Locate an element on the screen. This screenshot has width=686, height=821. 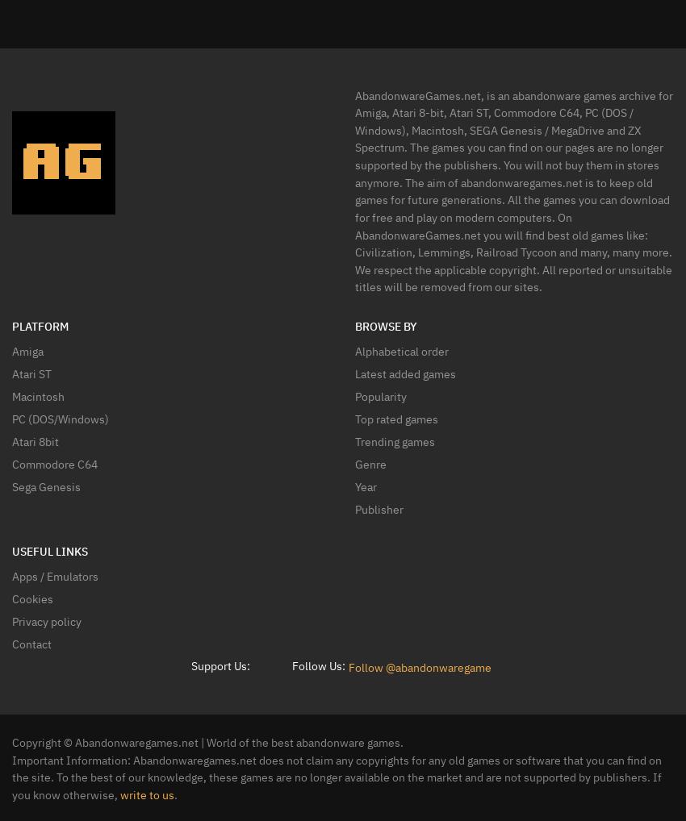
'Cookies' is located at coordinates (31, 597).